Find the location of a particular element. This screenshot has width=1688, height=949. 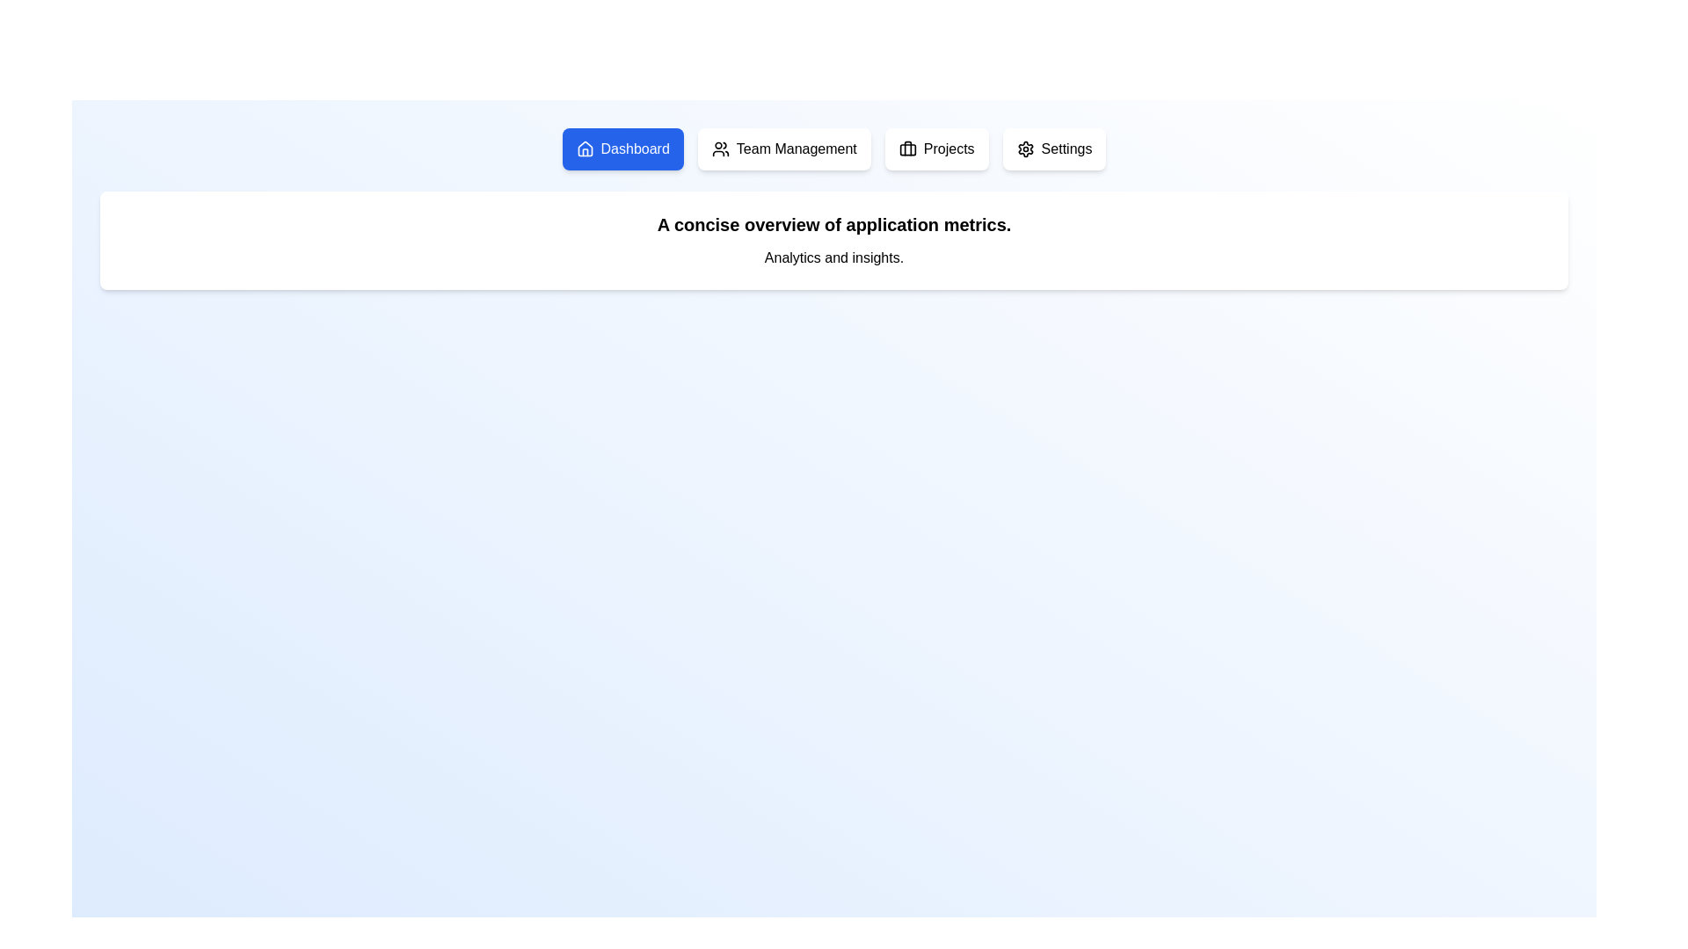

the 'Team Management' button, which is the second button from the left in a row of four buttons, to trigger a visual response is located at coordinates (783, 148).